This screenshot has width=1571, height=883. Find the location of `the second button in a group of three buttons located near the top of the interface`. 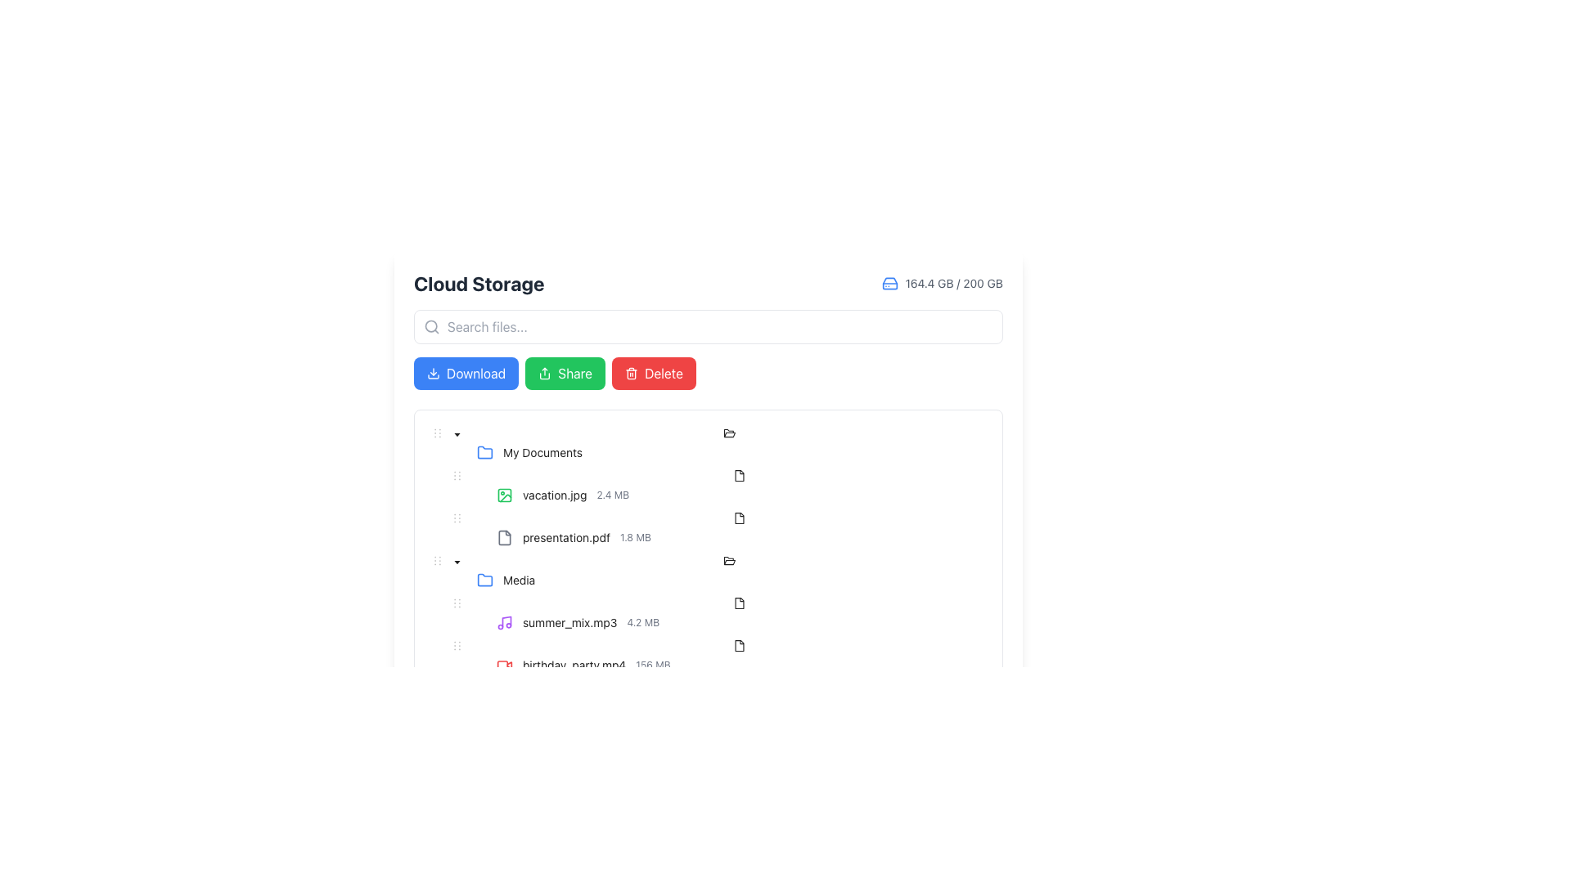

the second button in a group of three buttons located near the top of the interface is located at coordinates (565, 373).